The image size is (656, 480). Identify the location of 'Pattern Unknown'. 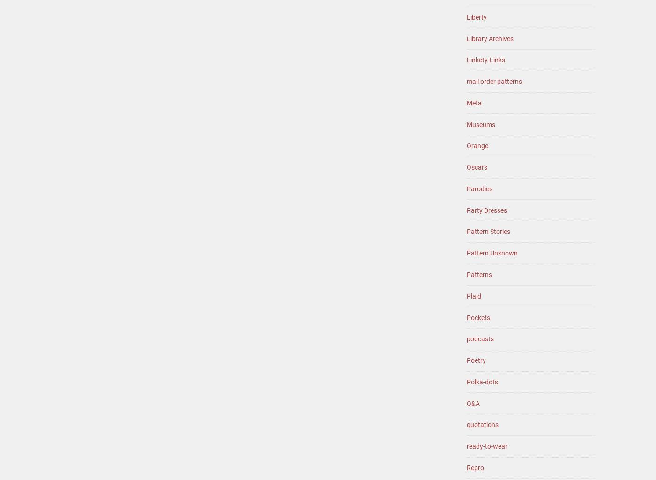
(492, 253).